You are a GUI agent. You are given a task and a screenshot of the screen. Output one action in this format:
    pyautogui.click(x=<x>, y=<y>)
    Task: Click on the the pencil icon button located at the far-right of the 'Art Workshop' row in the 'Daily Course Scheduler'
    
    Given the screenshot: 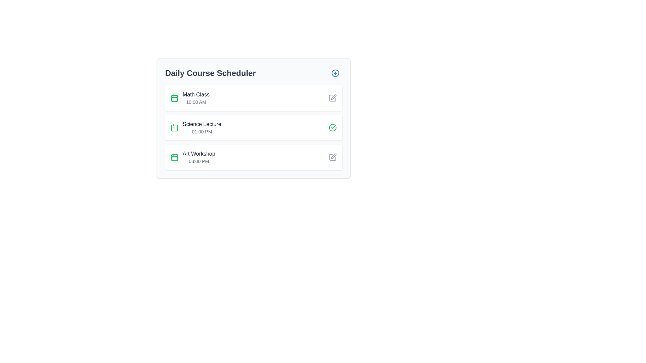 What is the action you would take?
    pyautogui.click(x=332, y=157)
    